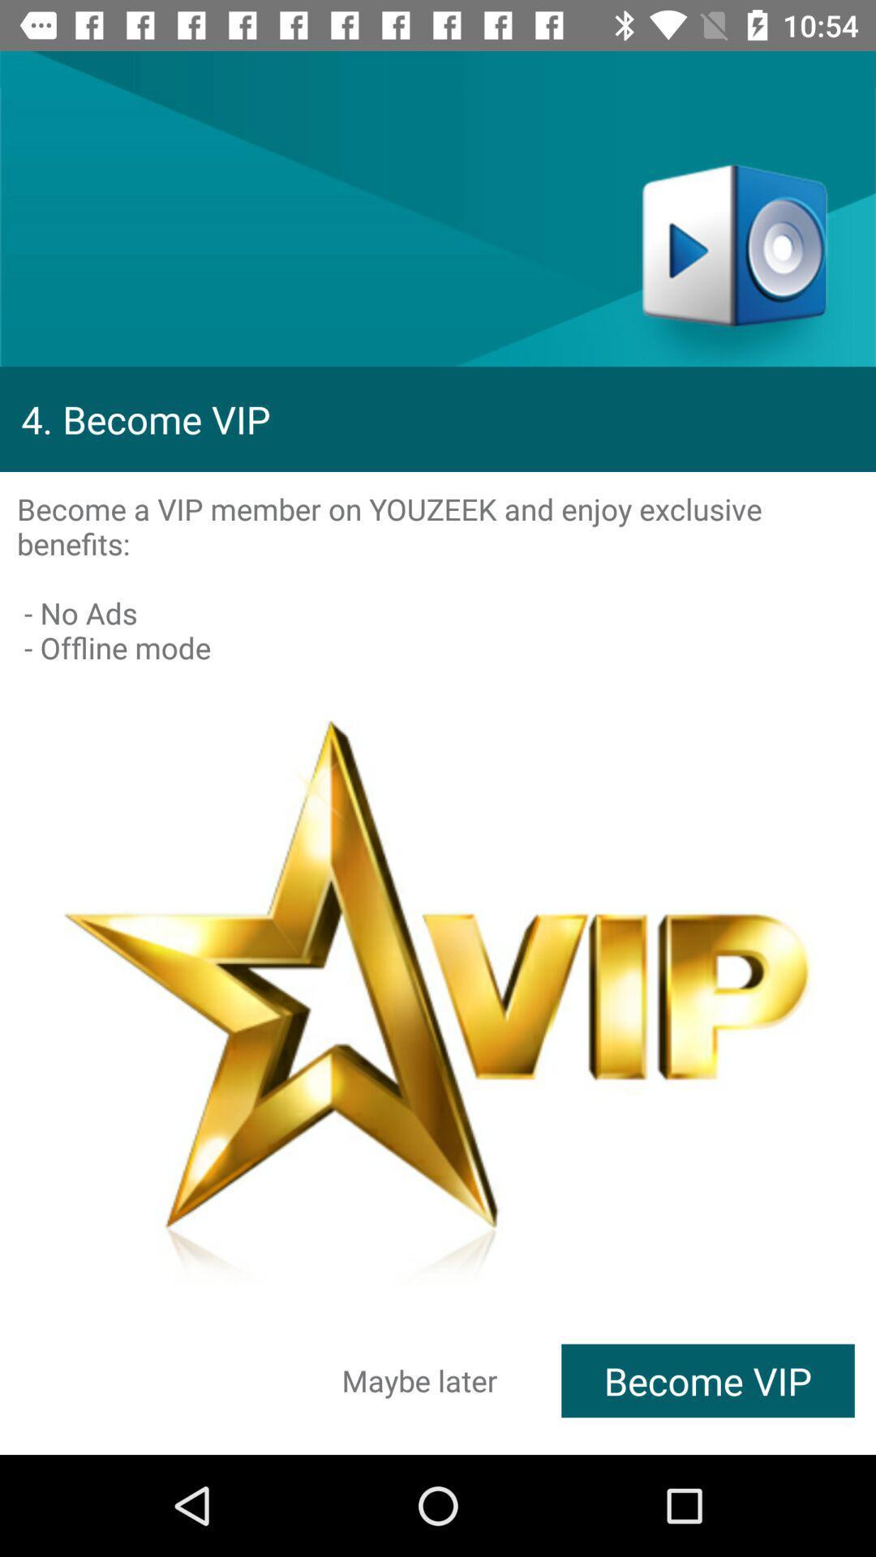  I want to click on the maybe later, so click(419, 1379).